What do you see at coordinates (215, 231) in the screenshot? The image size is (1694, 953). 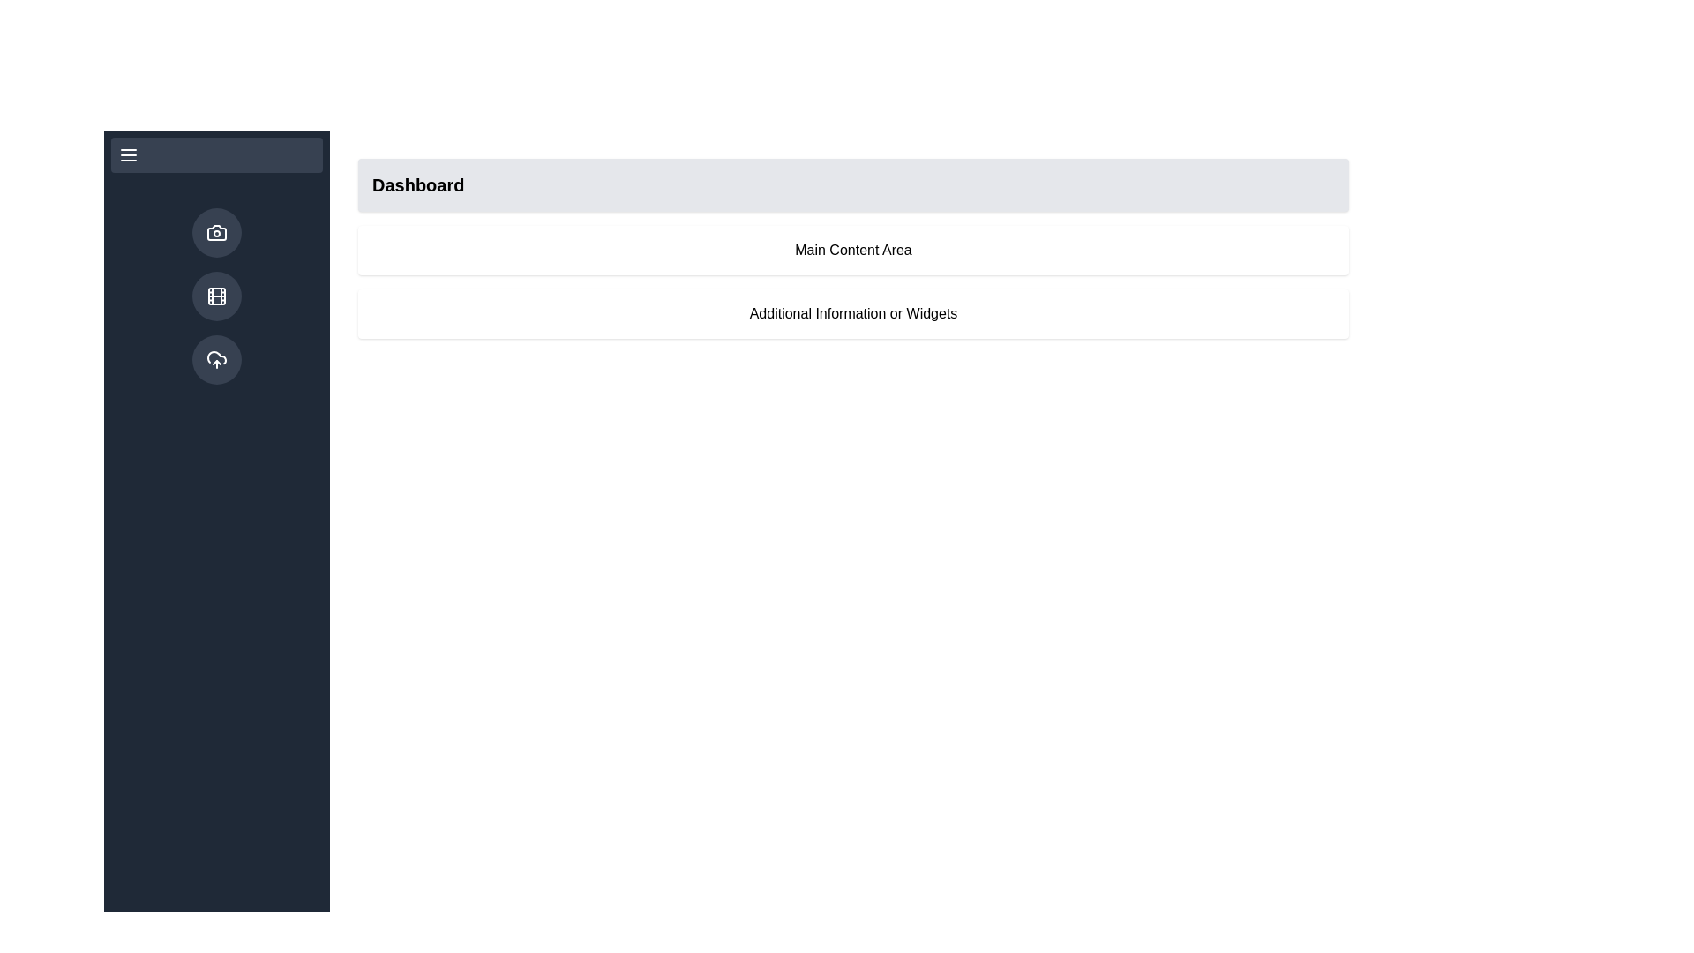 I see `the camera icon, which is the topmost element in the second circular button on the left sidebar of the interface` at bounding box center [215, 231].